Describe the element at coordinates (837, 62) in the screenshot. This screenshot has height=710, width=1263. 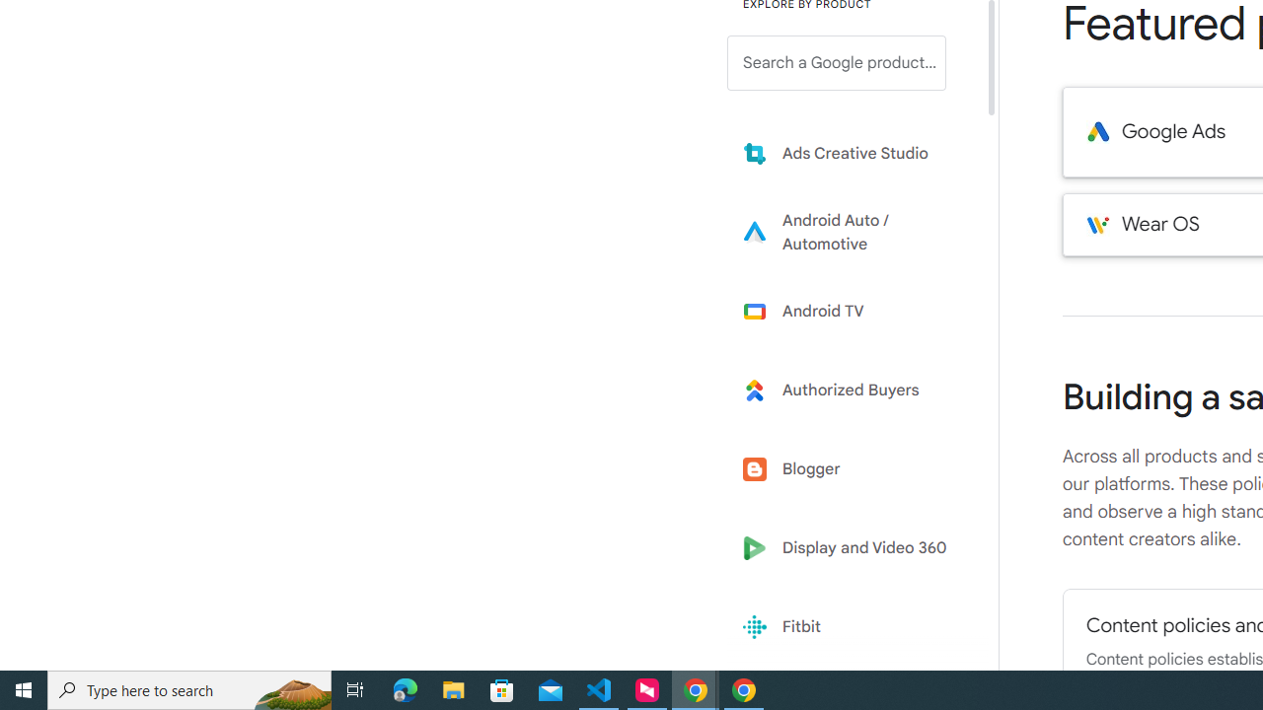
I see `'Search a Google product from below list.'` at that location.